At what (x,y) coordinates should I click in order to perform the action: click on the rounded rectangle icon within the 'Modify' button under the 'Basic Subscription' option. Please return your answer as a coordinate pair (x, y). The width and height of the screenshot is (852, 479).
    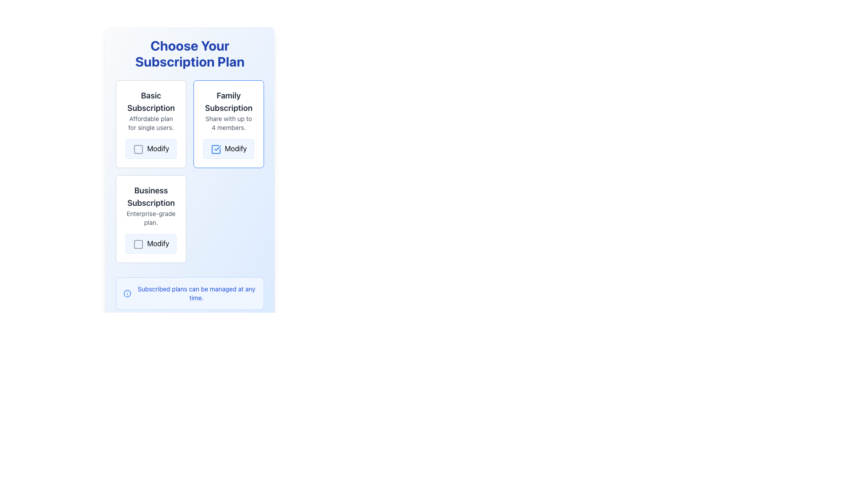
    Looking at the image, I should click on (138, 149).